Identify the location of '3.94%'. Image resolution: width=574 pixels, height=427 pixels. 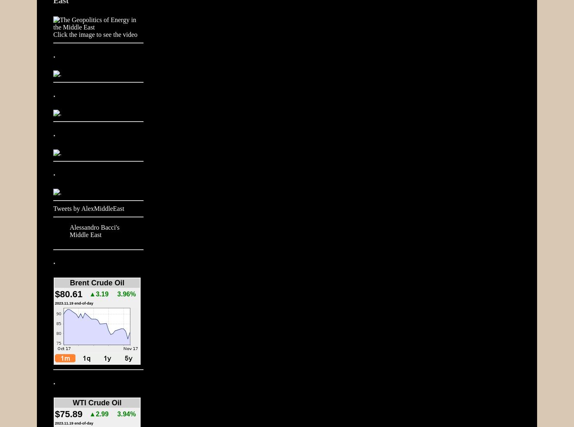
(126, 414).